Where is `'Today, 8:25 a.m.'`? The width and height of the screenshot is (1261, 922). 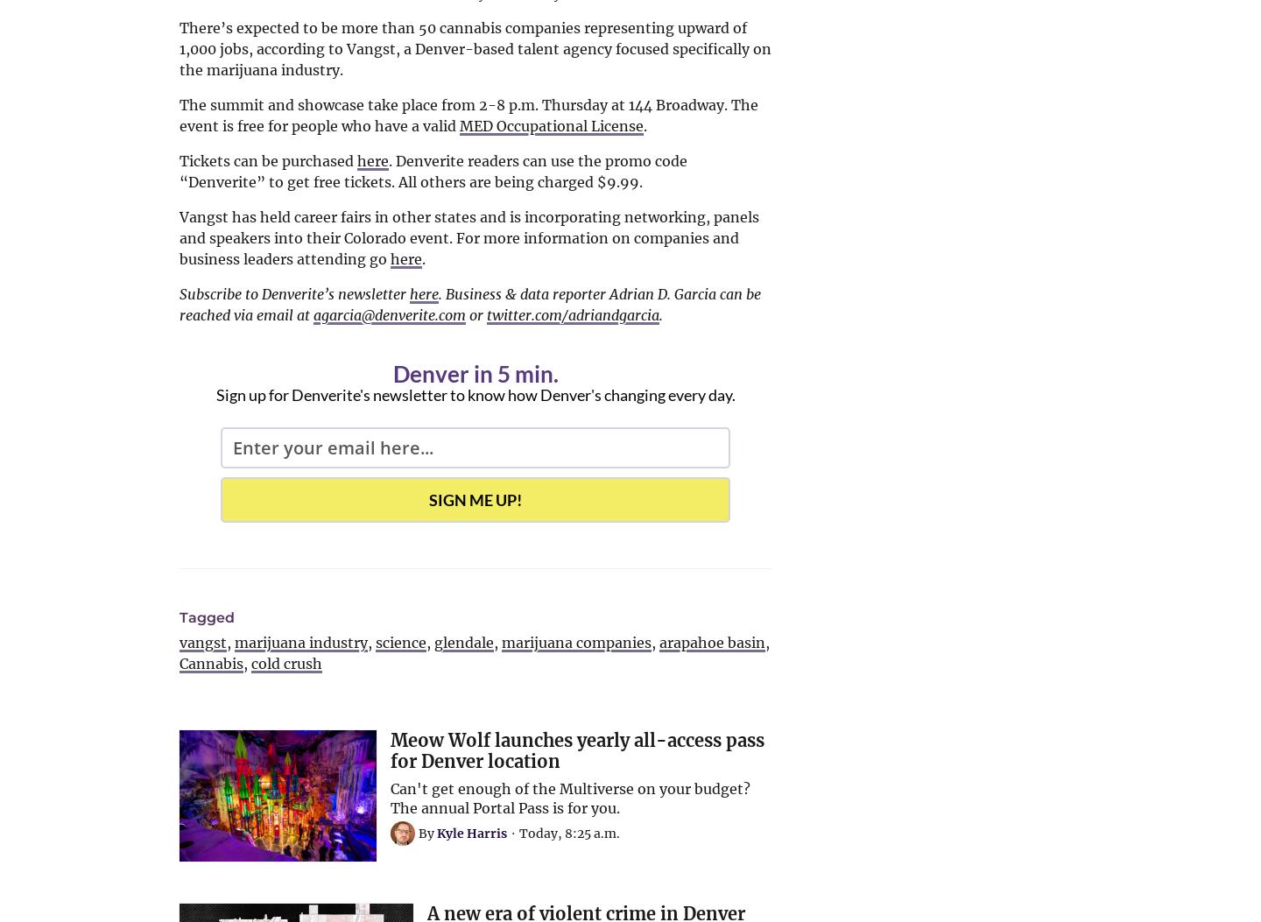
'Today, 8:25 a.m.' is located at coordinates (568, 833).